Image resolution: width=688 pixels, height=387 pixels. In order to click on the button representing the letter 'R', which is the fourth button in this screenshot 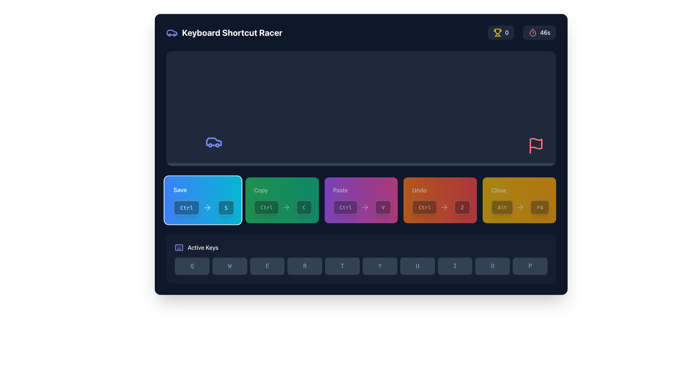, I will do `click(305, 266)`.